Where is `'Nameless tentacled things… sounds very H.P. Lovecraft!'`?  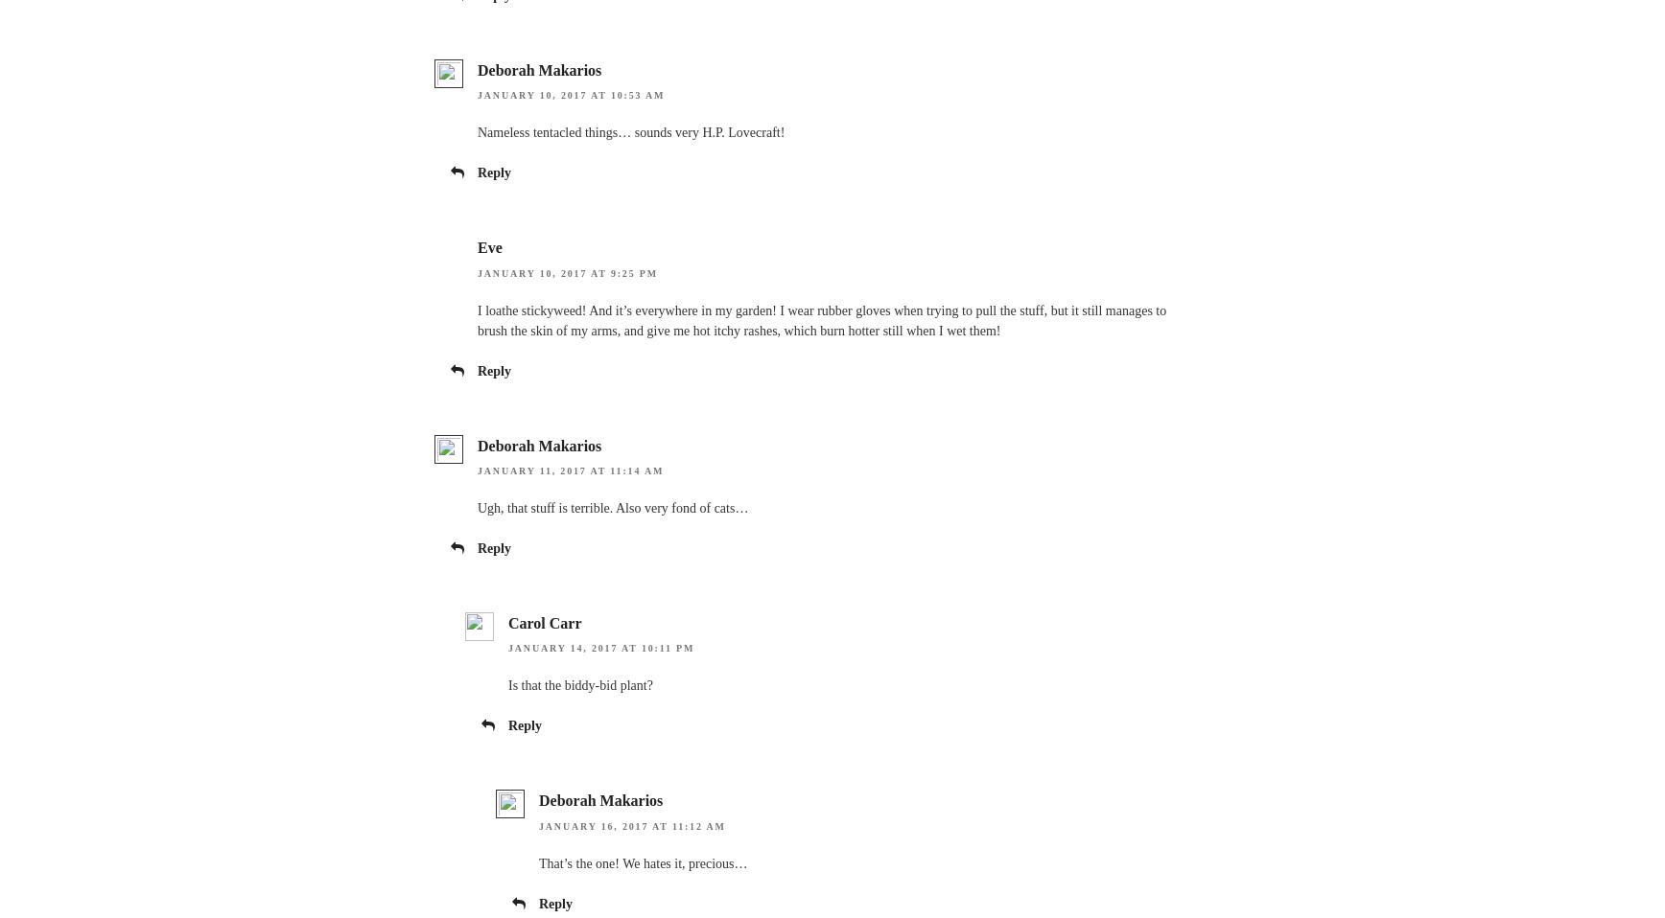 'Nameless tentacled things… sounds very H.P. Lovecraft!' is located at coordinates (630, 132).